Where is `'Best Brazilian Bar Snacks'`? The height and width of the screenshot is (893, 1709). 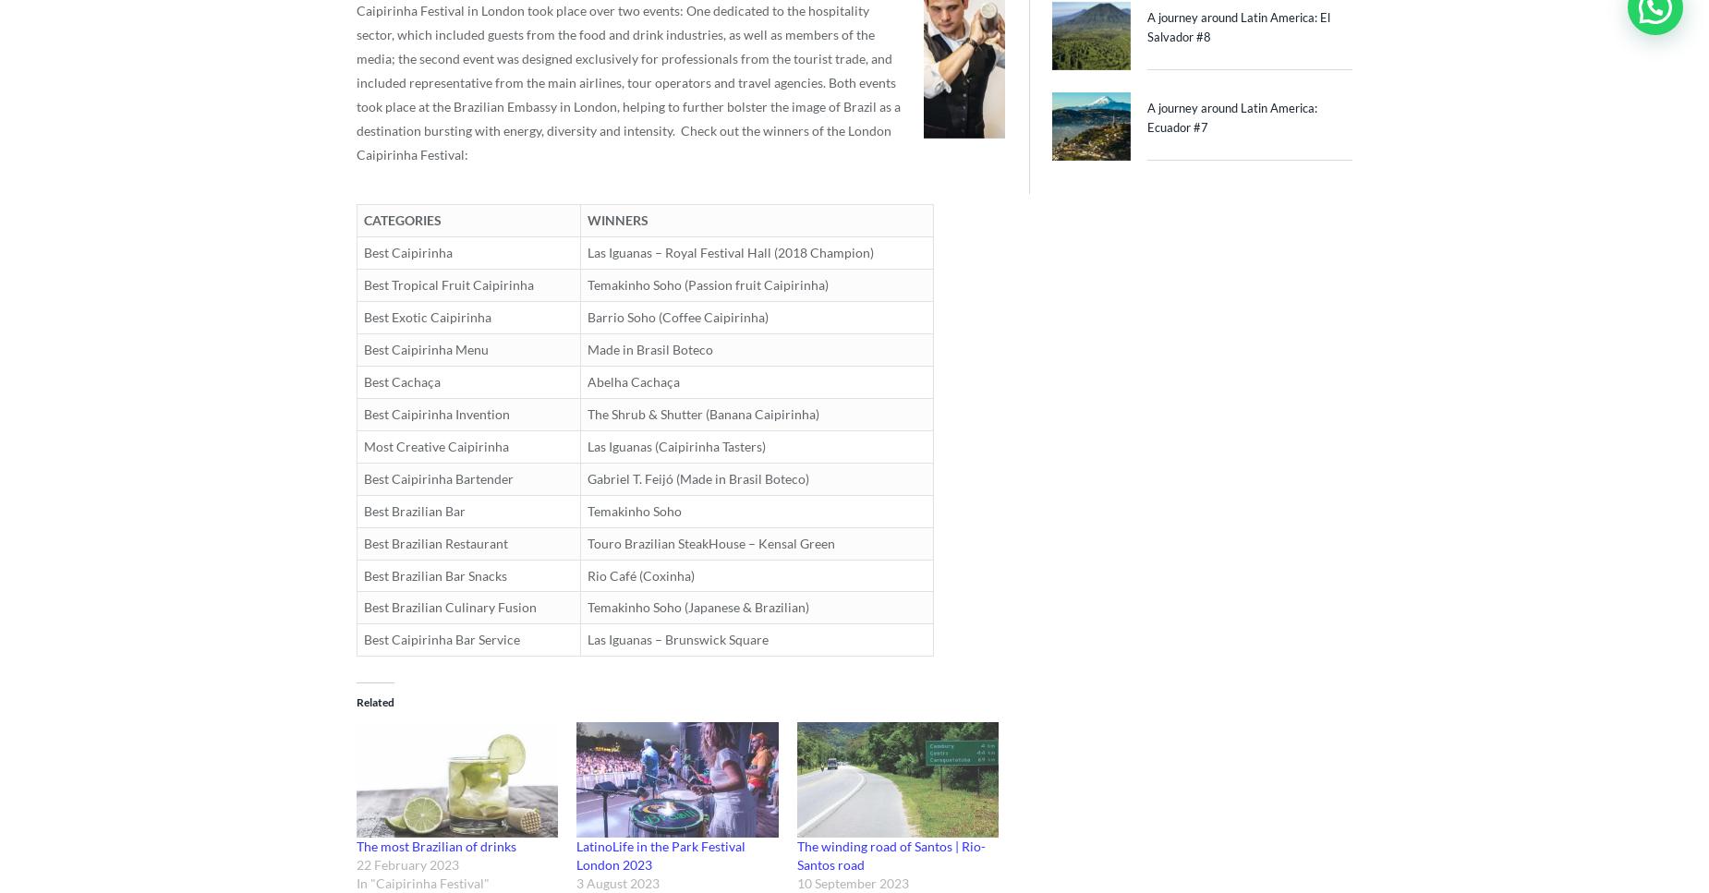
'Best Brazilian Bar Snacks' is located at coordinates (435, 574).